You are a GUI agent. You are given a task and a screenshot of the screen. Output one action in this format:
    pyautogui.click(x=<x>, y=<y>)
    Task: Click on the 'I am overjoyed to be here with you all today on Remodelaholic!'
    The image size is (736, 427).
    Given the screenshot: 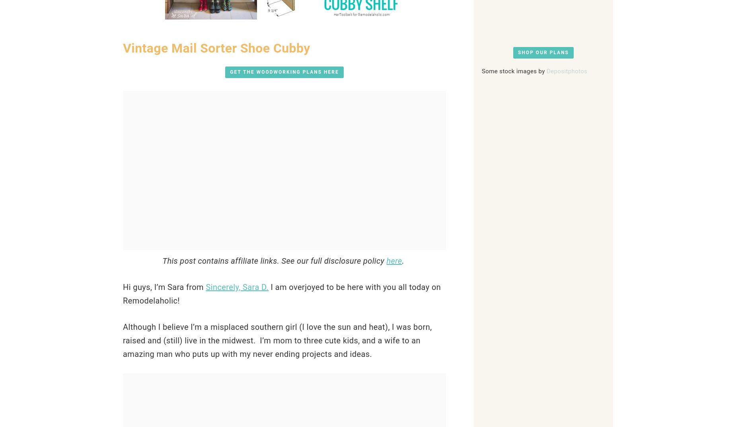 What is the action you would take?
    pyautogui.click(x=282, y=293)
    